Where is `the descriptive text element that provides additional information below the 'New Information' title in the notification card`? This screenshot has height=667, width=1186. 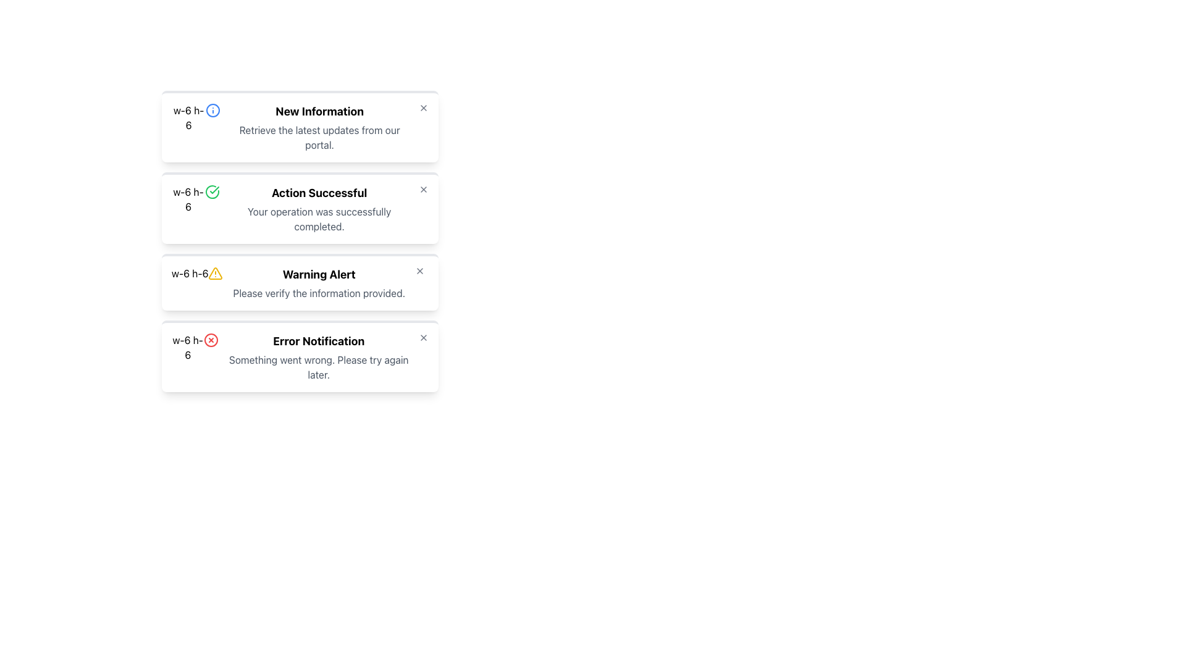 the descriptive text element that provides additional information below the 'New Information' title in the notification card is located at coordinates (319, 138).